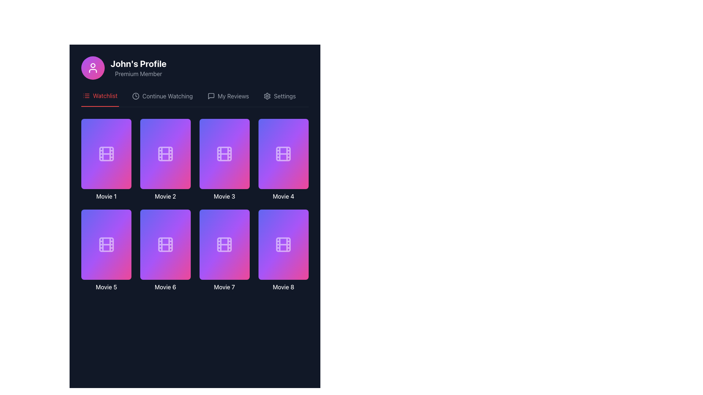 This screenshot has height=395, width=703. What do you see at coordinates (106, 159) in the screenshot?
I see `the first clickable movie card located at the top-left corner of the grid` at bounding box center [106, 159].